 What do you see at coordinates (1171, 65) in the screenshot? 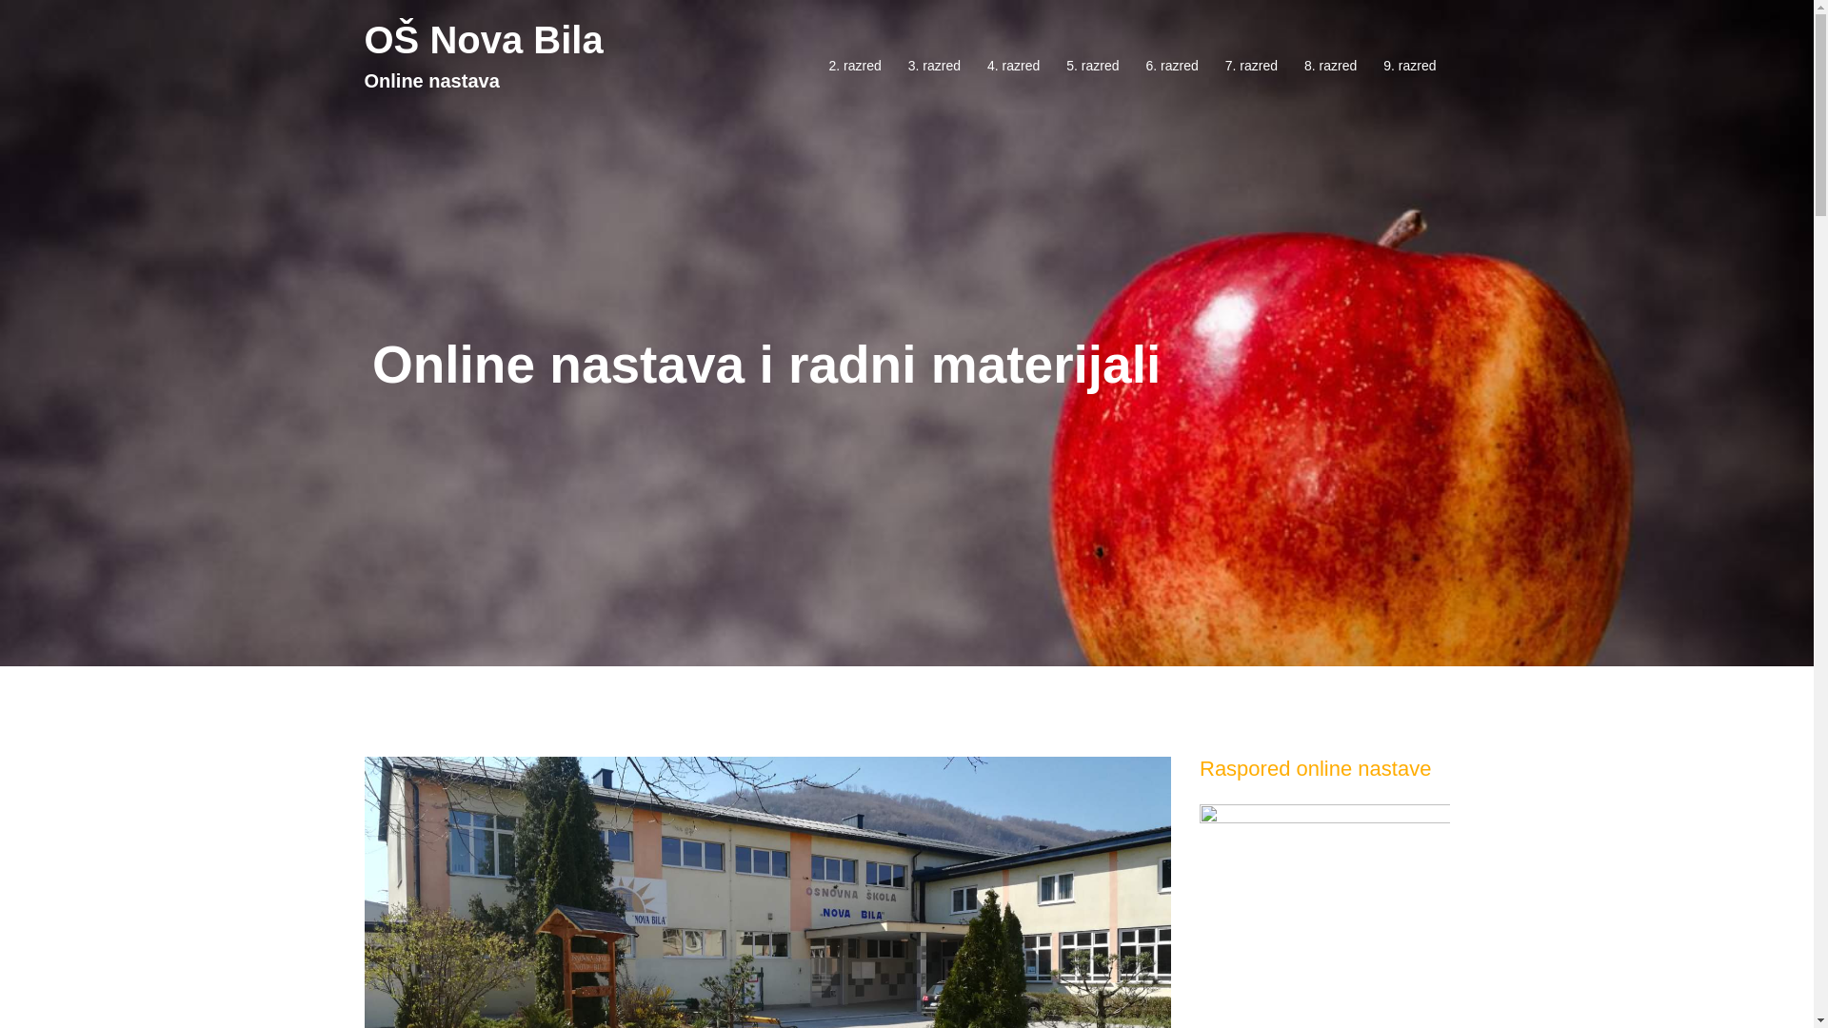
I see `'6. razred'` at bounding box center [1171, 65].